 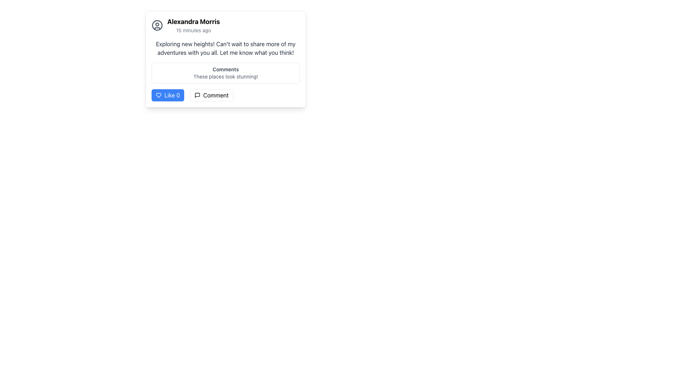 What do you see at coordinates (197, 95) in the screenshot?
I see `the speech bubble icon inside the 'Comment' button located at the bottom of the card interface` at bounding box center [197, 95].